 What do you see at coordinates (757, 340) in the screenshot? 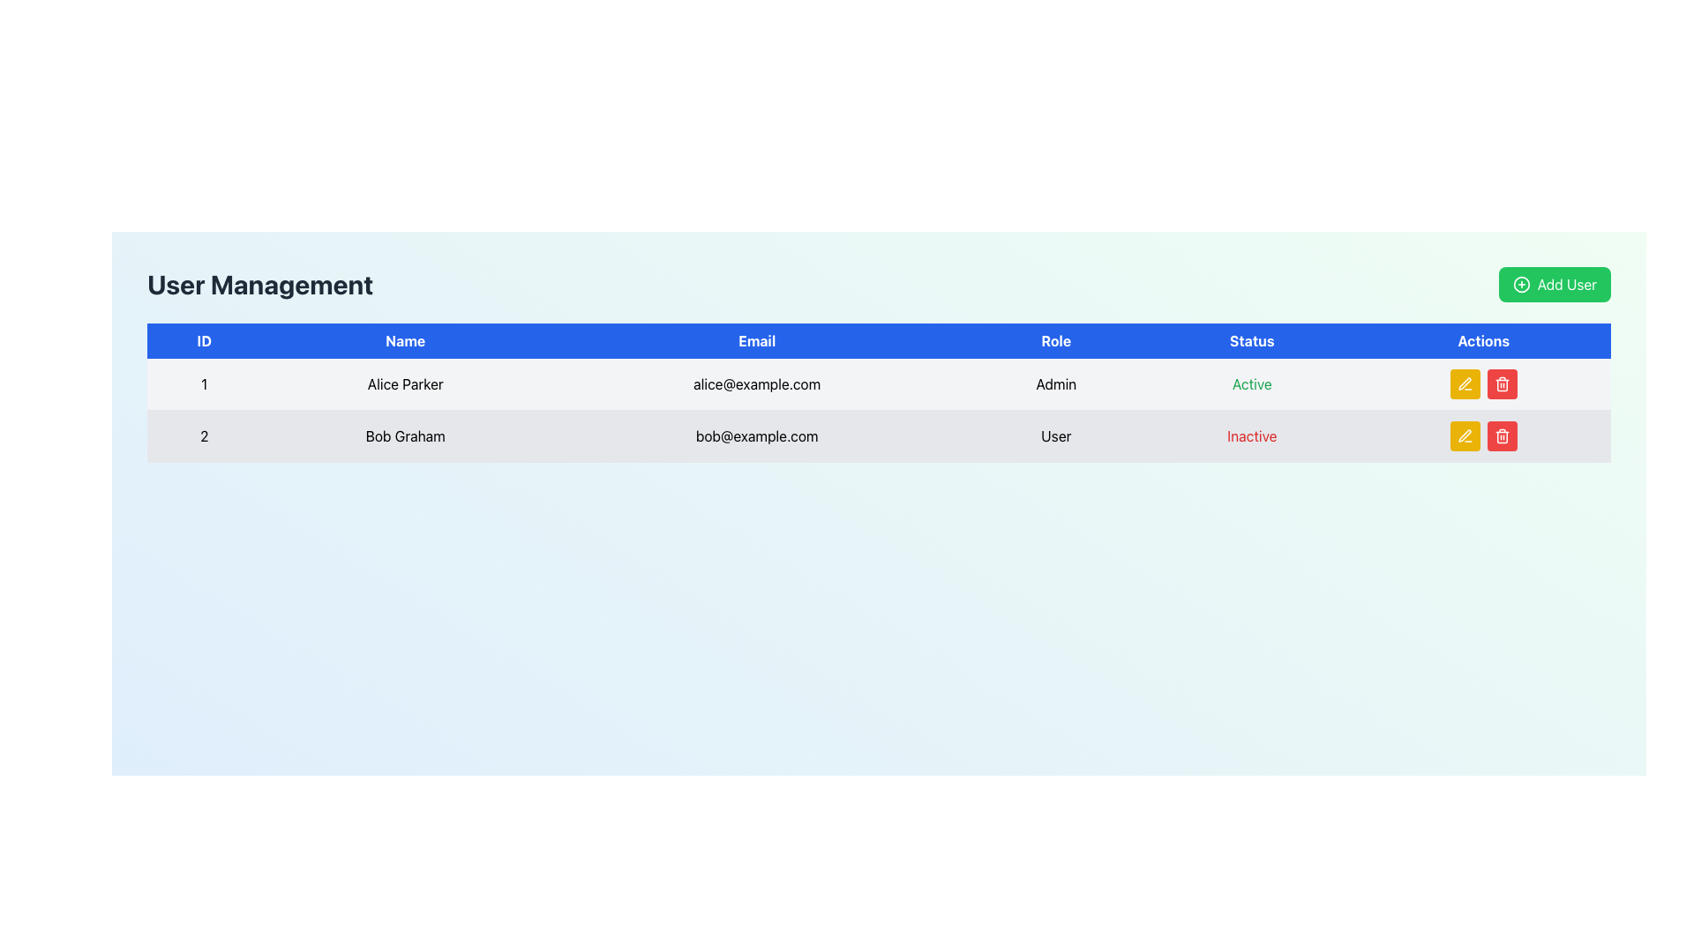
I see `the 'Email' label, which is styled with white text on a dark blue background and is the third column in the header row of a table` at bounding box center [757, 340].